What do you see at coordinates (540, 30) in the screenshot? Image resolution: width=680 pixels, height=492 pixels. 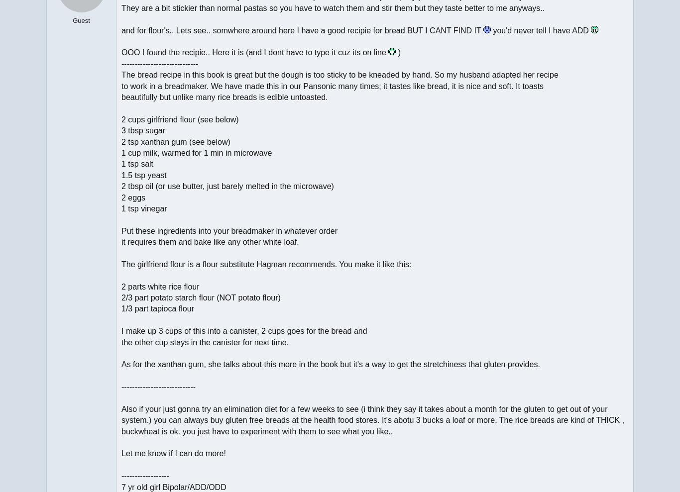 I see `'you'd never tell I have ADD'` at bounding box center [540, 30].